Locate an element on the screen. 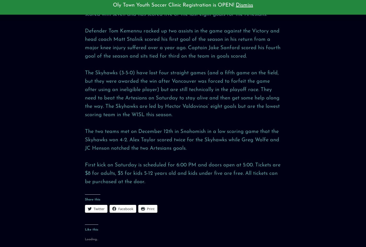 The image size is (366, 247). 'Share this:' is located at coordinates (92, 199).